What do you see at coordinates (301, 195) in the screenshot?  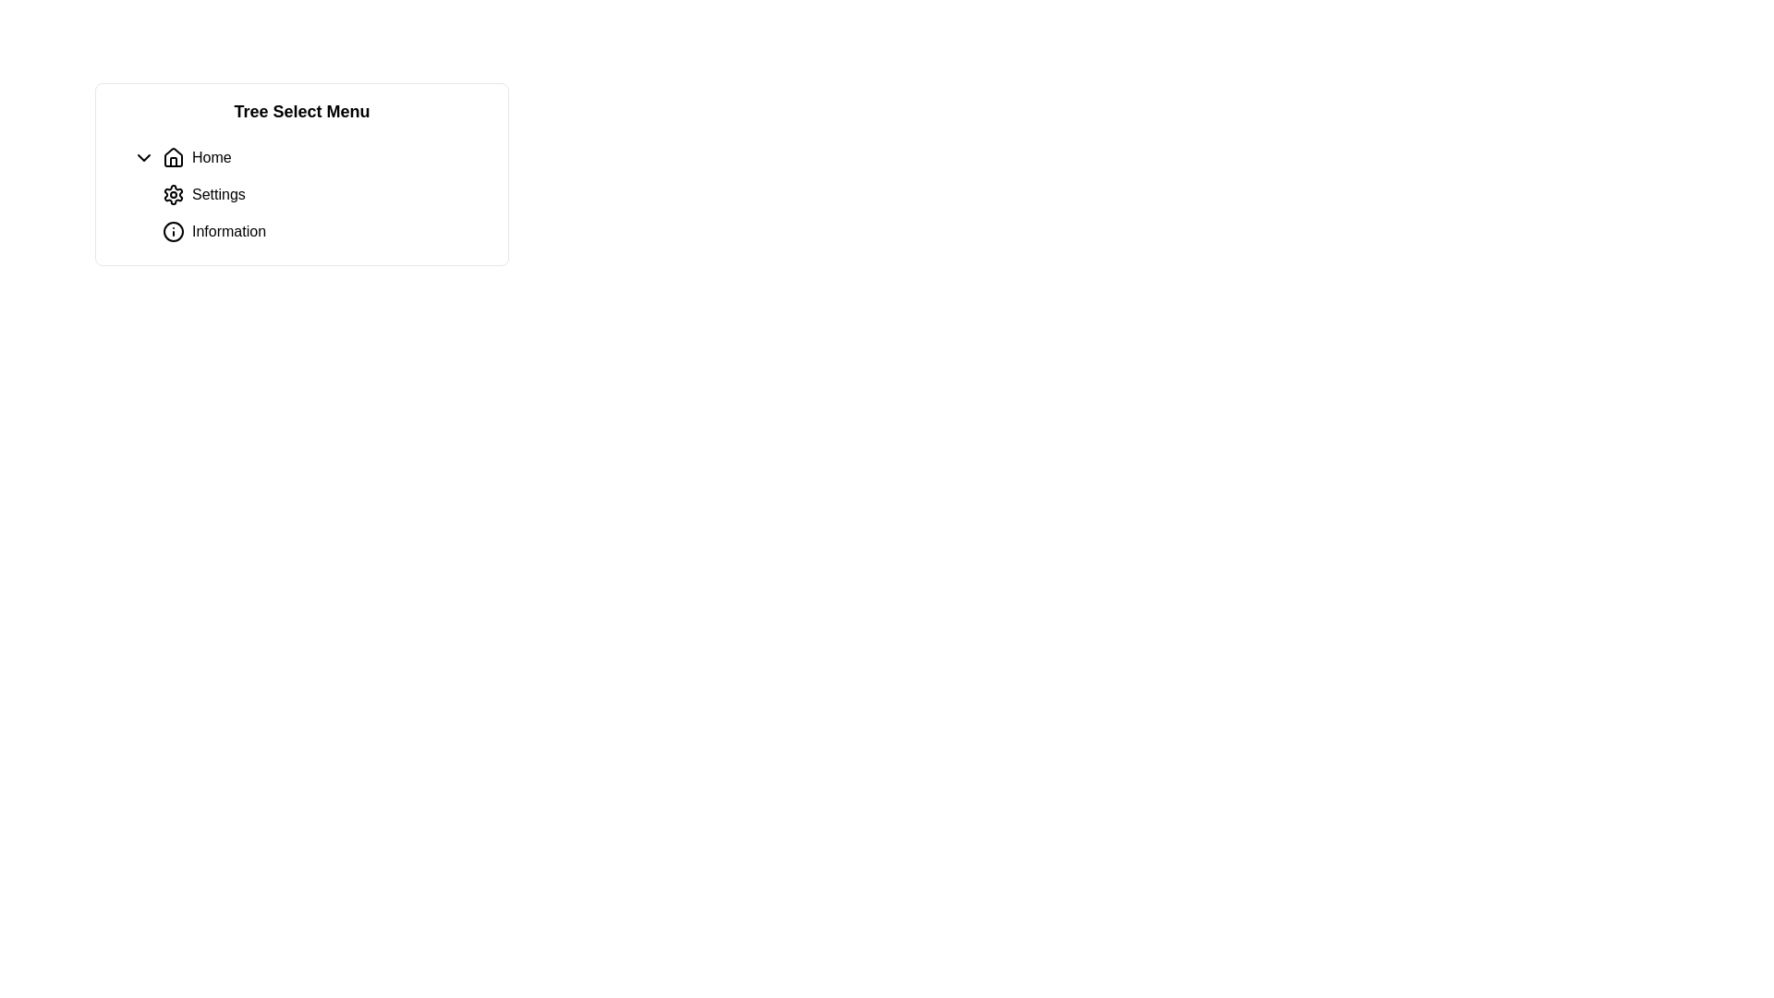 I see `the 'Settings' menu item in the Tree Select Menu, which is the second item in the vertical list of options` at bounding box center [301, 195].